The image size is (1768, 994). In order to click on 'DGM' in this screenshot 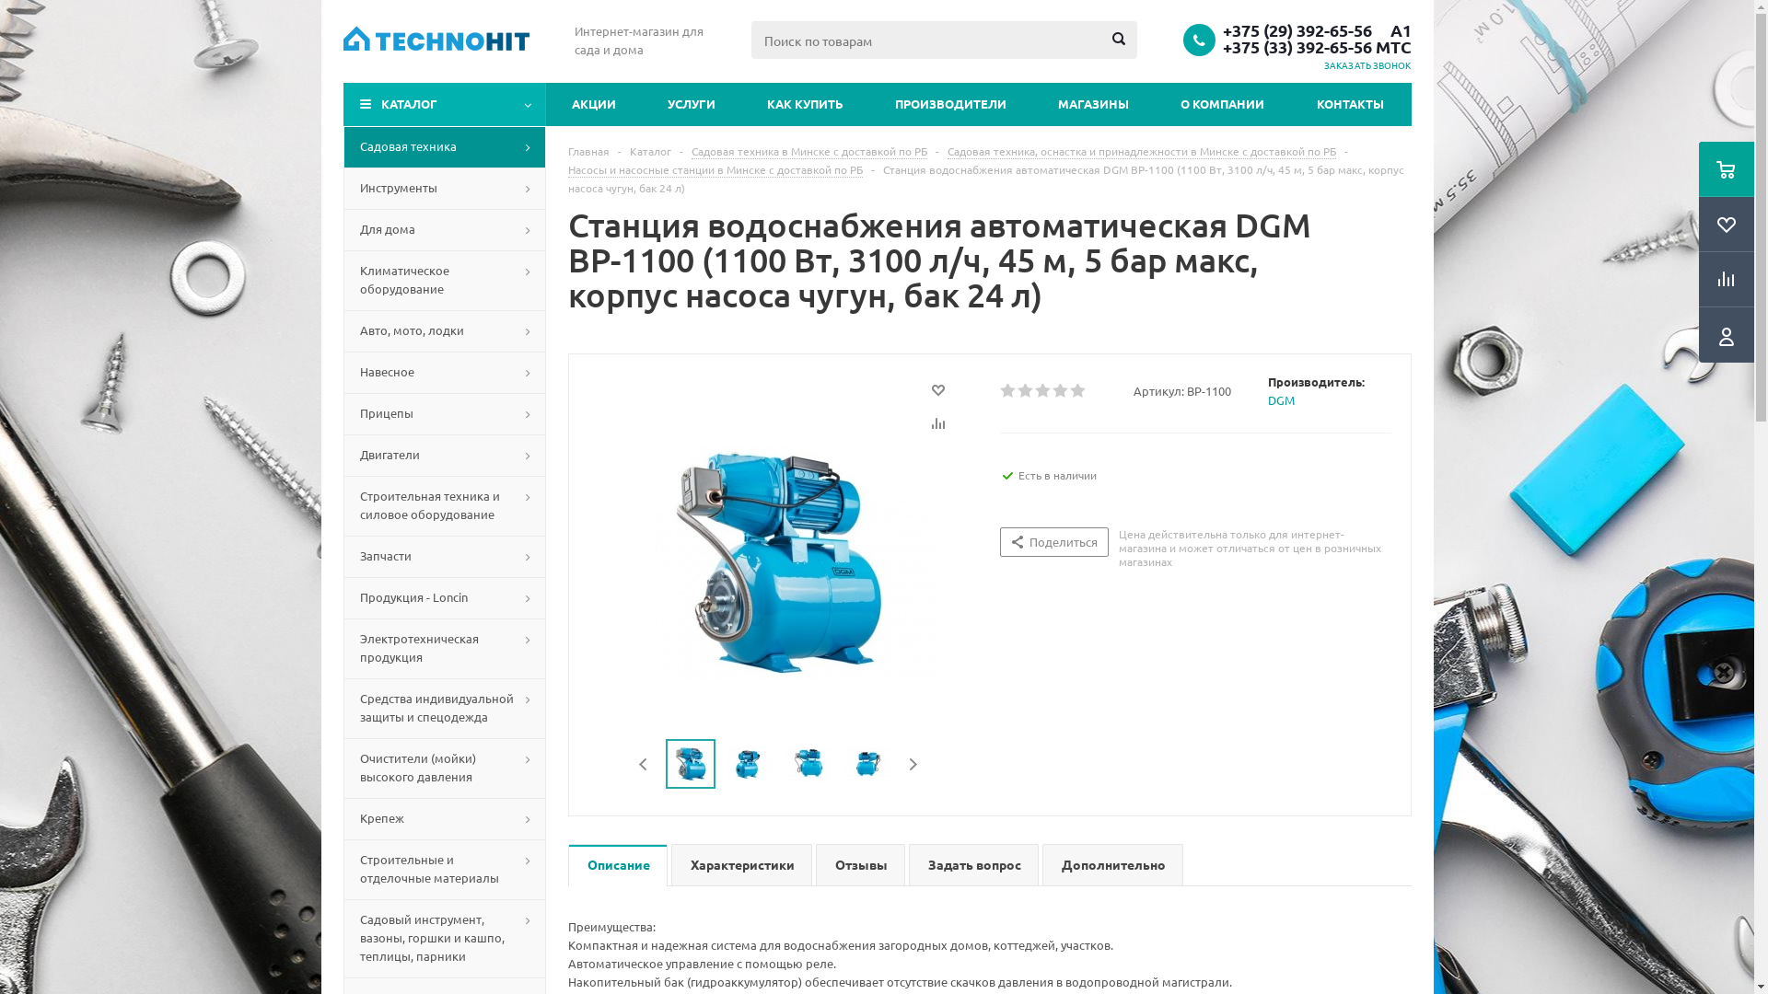, I will do `click(1280, 399)`.